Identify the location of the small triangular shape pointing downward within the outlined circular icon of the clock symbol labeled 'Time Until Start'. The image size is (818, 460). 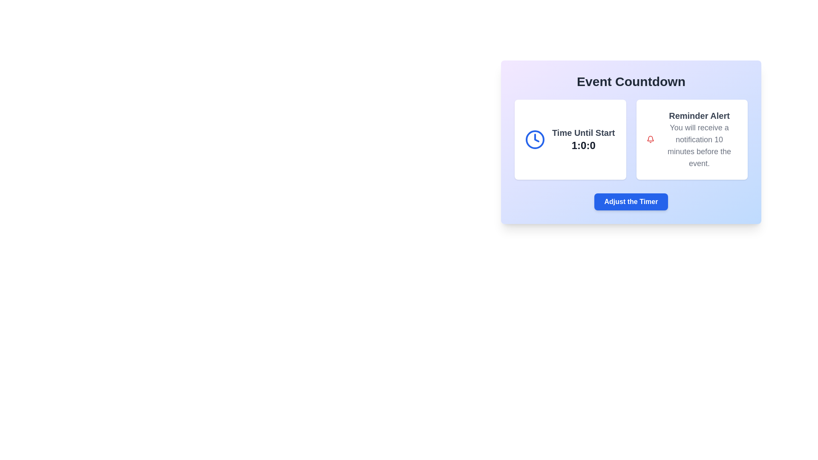
(536, 138).